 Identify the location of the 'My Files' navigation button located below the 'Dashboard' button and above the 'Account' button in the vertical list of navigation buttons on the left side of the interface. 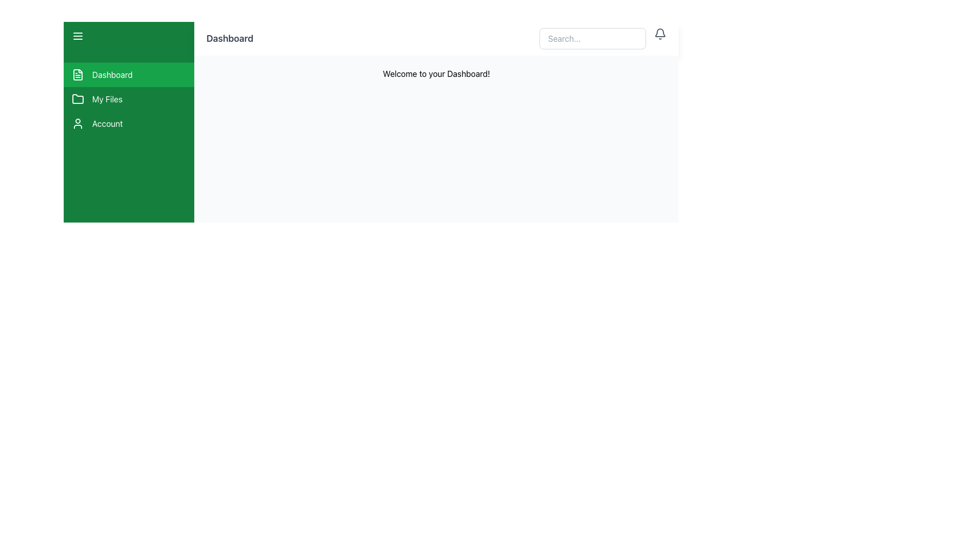
(128, 99).